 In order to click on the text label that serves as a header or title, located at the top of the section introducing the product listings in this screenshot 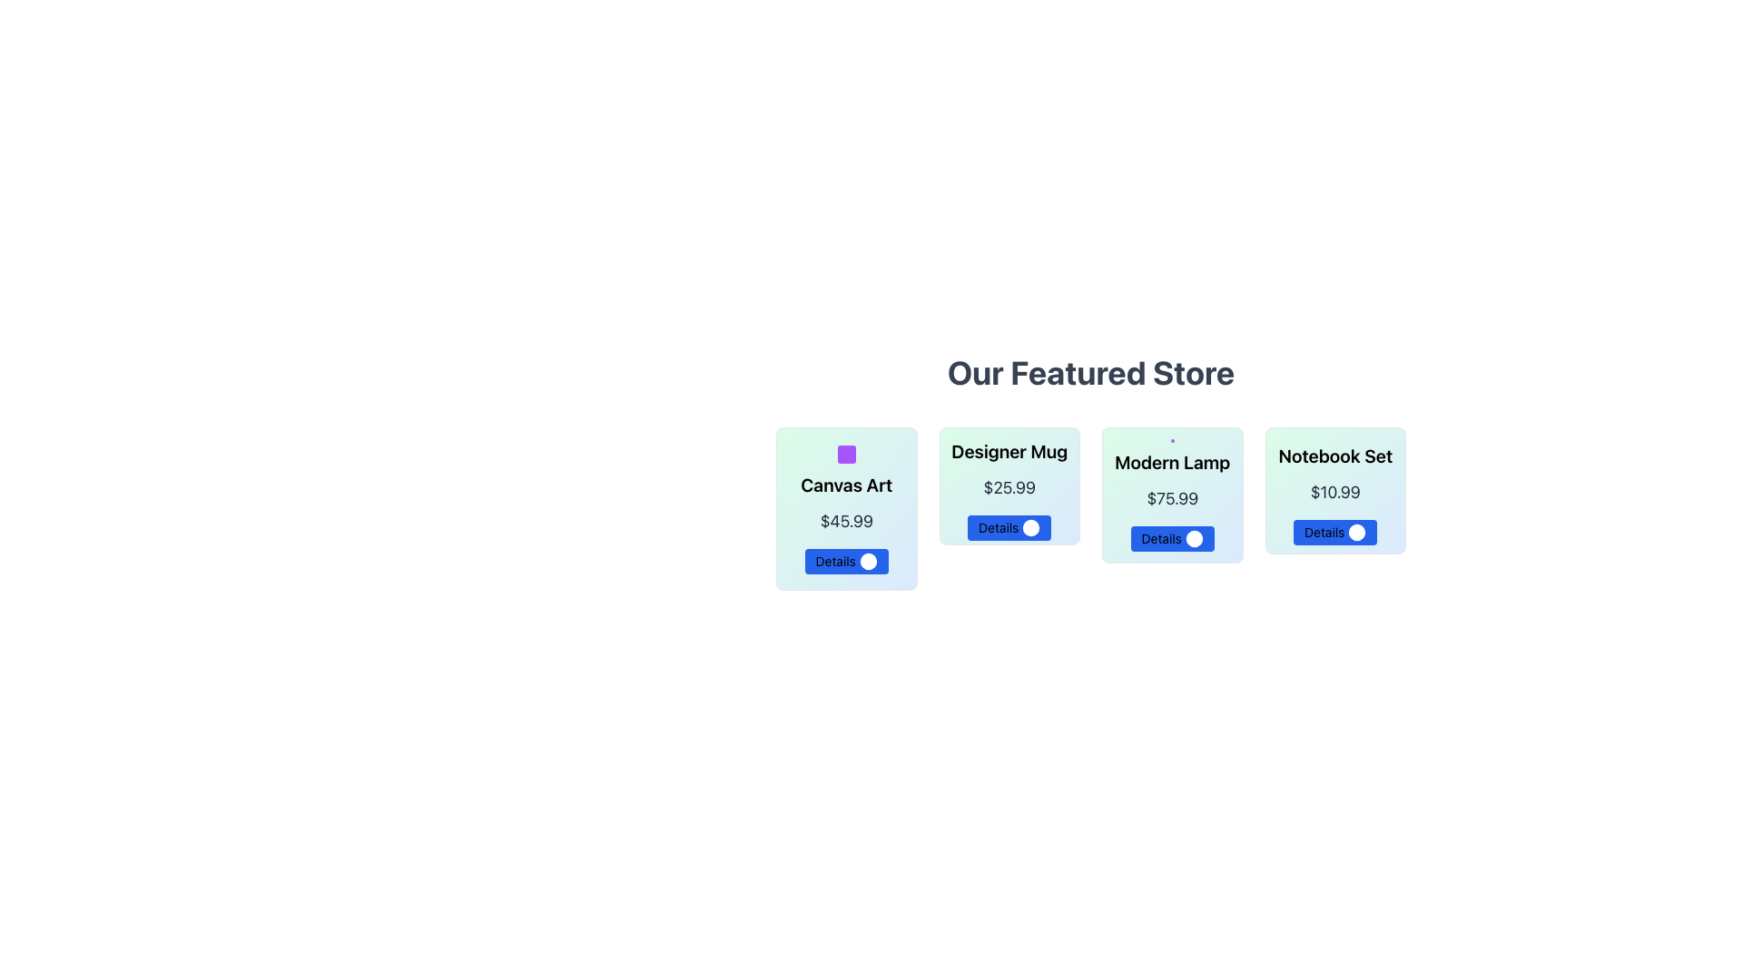, I will do `click(1089, 372)`.